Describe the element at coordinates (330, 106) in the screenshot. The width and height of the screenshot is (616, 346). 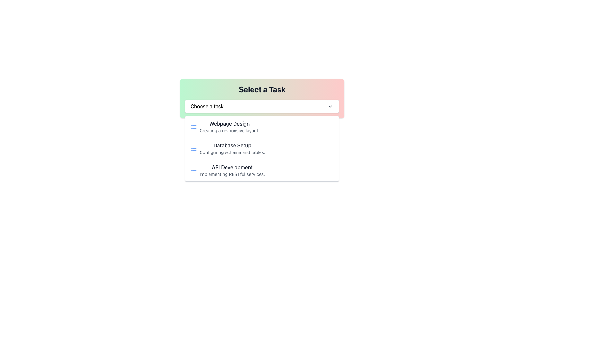
I see `the Dropdown icon located on the far right of the 'Choose a task' dropdown selection bar, aligned horizontally with the text 'Choose a task'` at that location.